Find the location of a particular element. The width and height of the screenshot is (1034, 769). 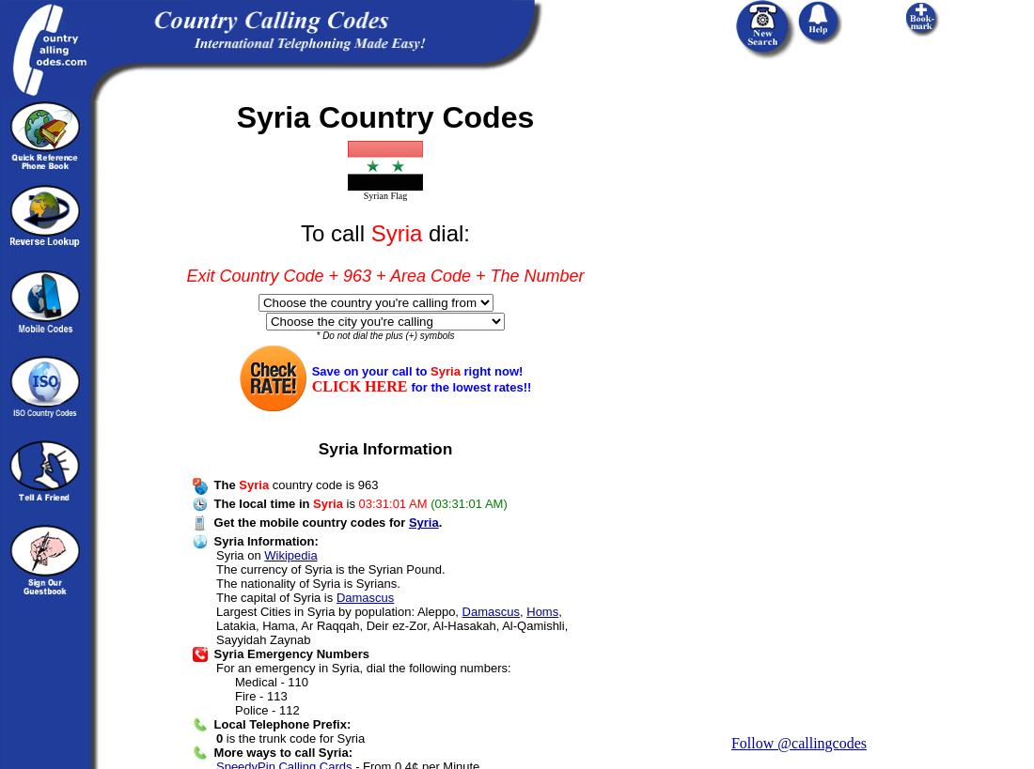

'Homs' is located at coordinates (540, 611).